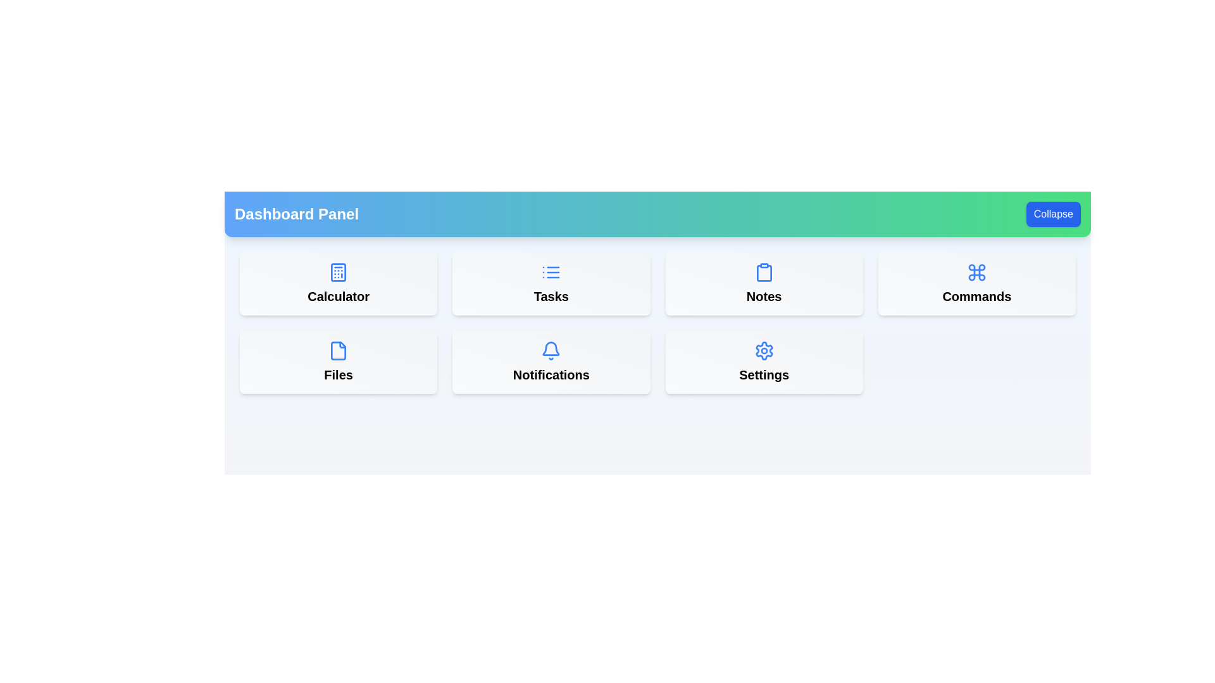 The image size is (1215, 683). What do you see at coordinates (551, 362) in the screenshot?
I see `the menu item labeled Notifications` at bounding box center [551, 362].